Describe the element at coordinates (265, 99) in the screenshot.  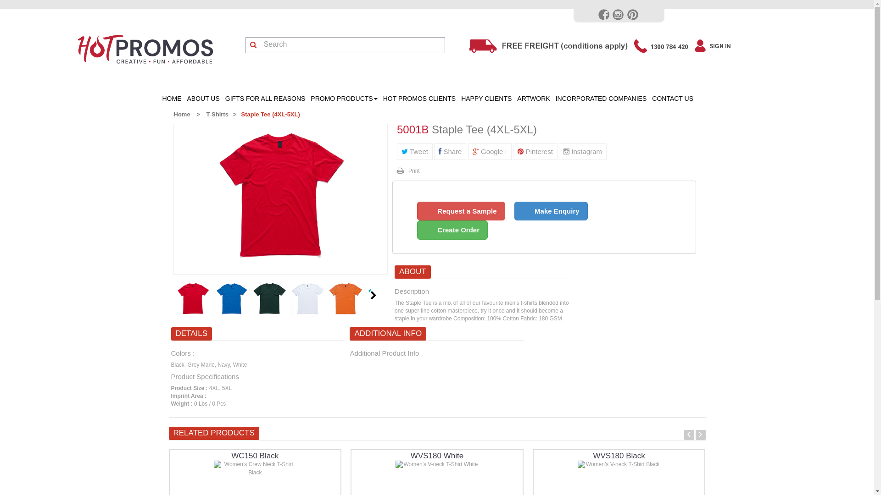
I see `'GIFTS FOR ALL REASONS'` at that location.